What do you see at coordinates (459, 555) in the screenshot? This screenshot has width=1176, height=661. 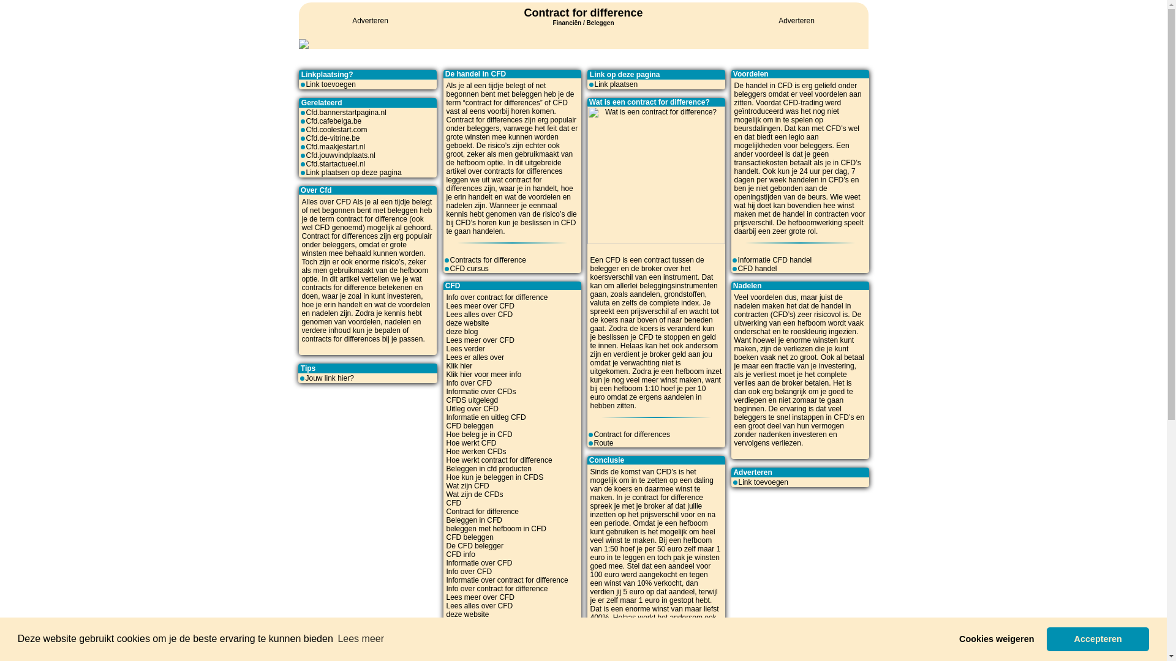 I see `'CFD info'` at bounding box center [459, 555].